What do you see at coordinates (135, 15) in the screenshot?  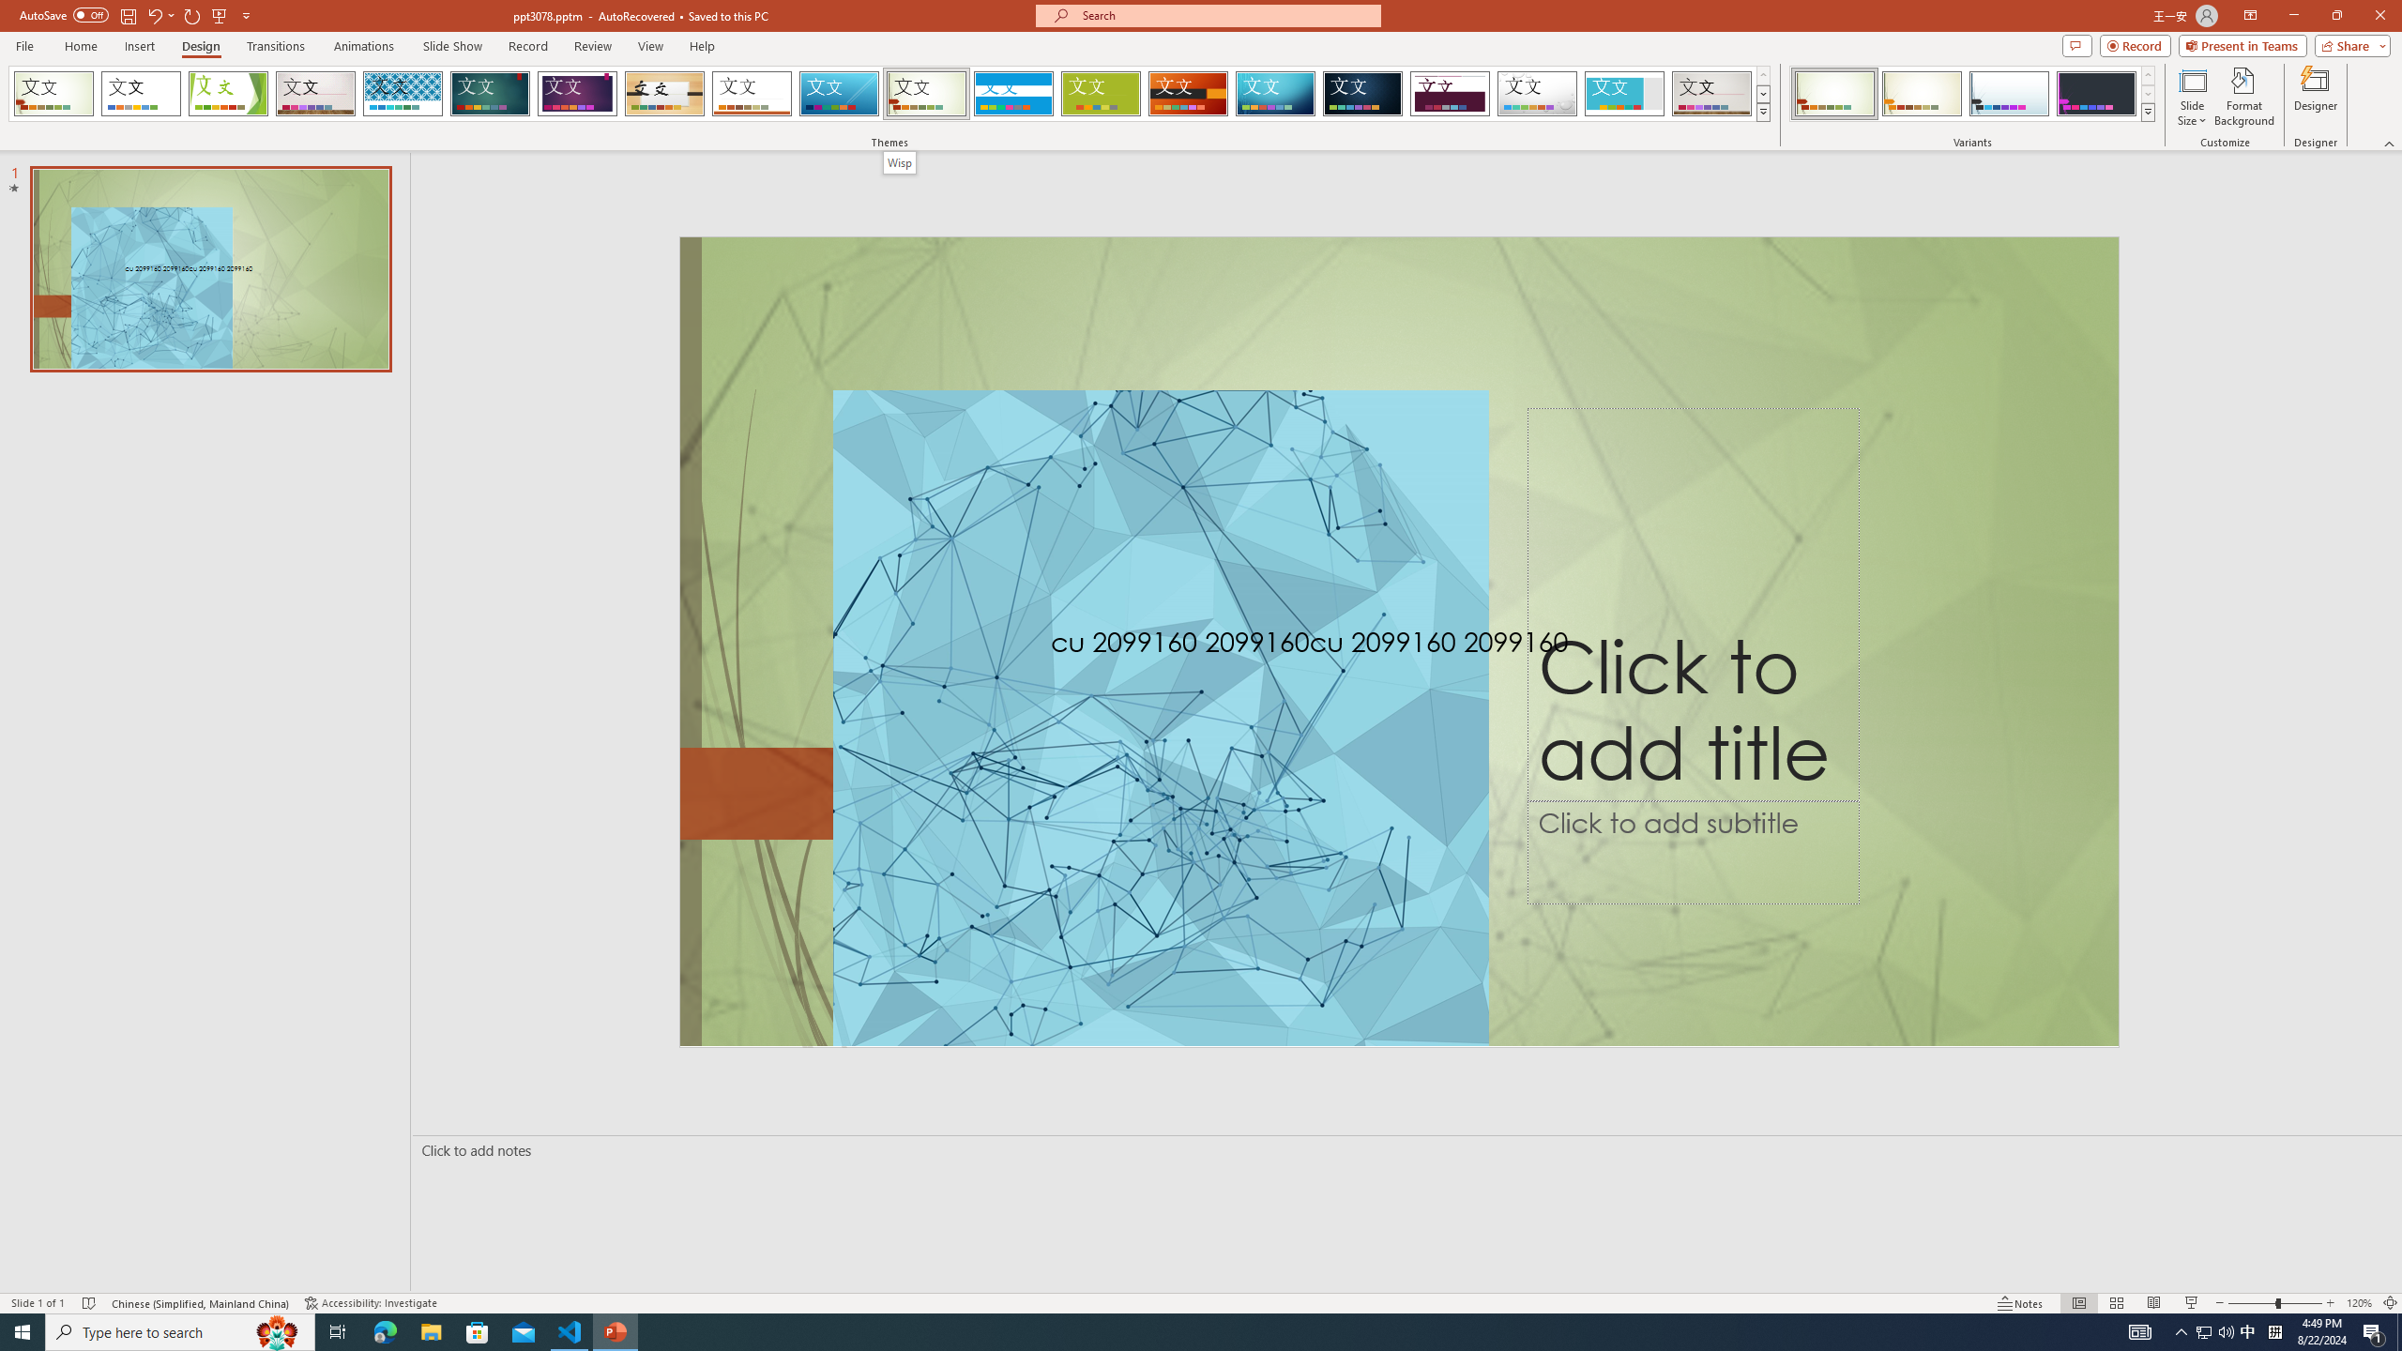 I see `'Quick Access Toolbar'` at bounding box center [135, 15].